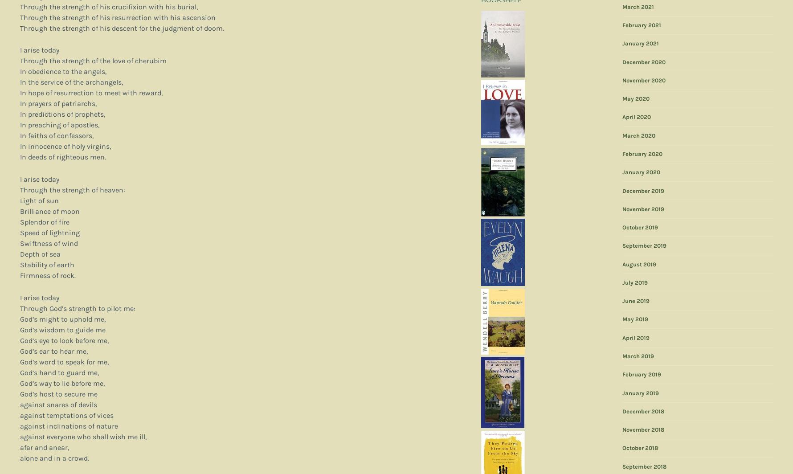 Image resolution: width=793 pixels, height=474 pixels. I want to click on 'November 2018', so click(642, 429).